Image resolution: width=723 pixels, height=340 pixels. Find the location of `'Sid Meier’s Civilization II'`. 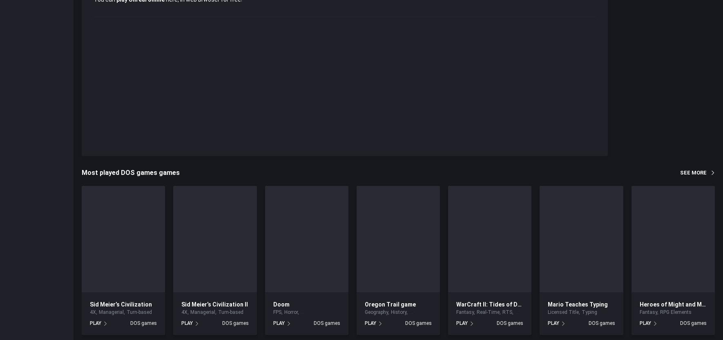

'Sid Meier’s Civilization II' is located at coordinates (214, 304).